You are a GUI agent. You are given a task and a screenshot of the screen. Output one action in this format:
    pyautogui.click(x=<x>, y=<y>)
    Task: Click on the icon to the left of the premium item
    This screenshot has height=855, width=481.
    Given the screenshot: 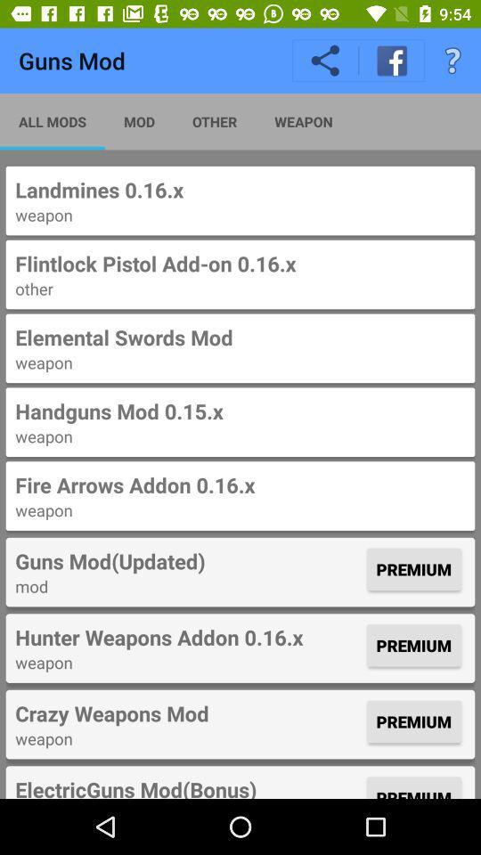 What is the action you would take?
    pyautogui.click(x=188, y=713)
    